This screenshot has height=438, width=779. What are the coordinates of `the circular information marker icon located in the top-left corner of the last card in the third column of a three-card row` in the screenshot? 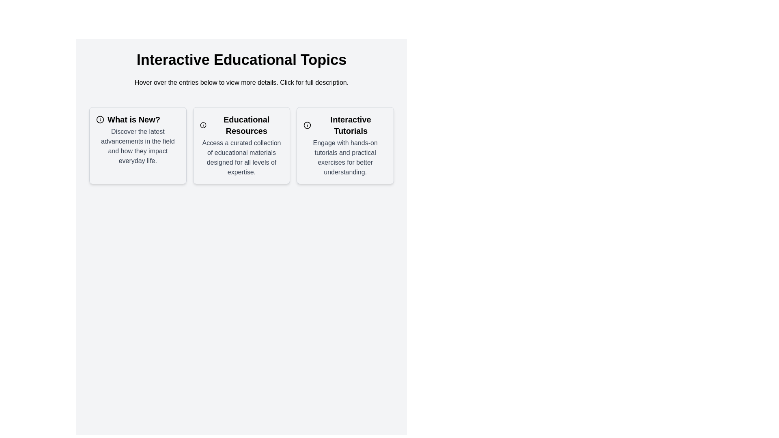 It's located at (307, 125).